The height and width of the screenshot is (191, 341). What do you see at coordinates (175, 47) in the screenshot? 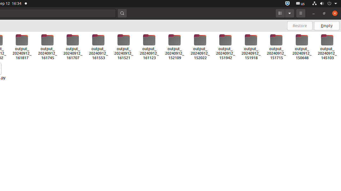
I see `'output_20240912_152109'` at bounding box center [175, 47].